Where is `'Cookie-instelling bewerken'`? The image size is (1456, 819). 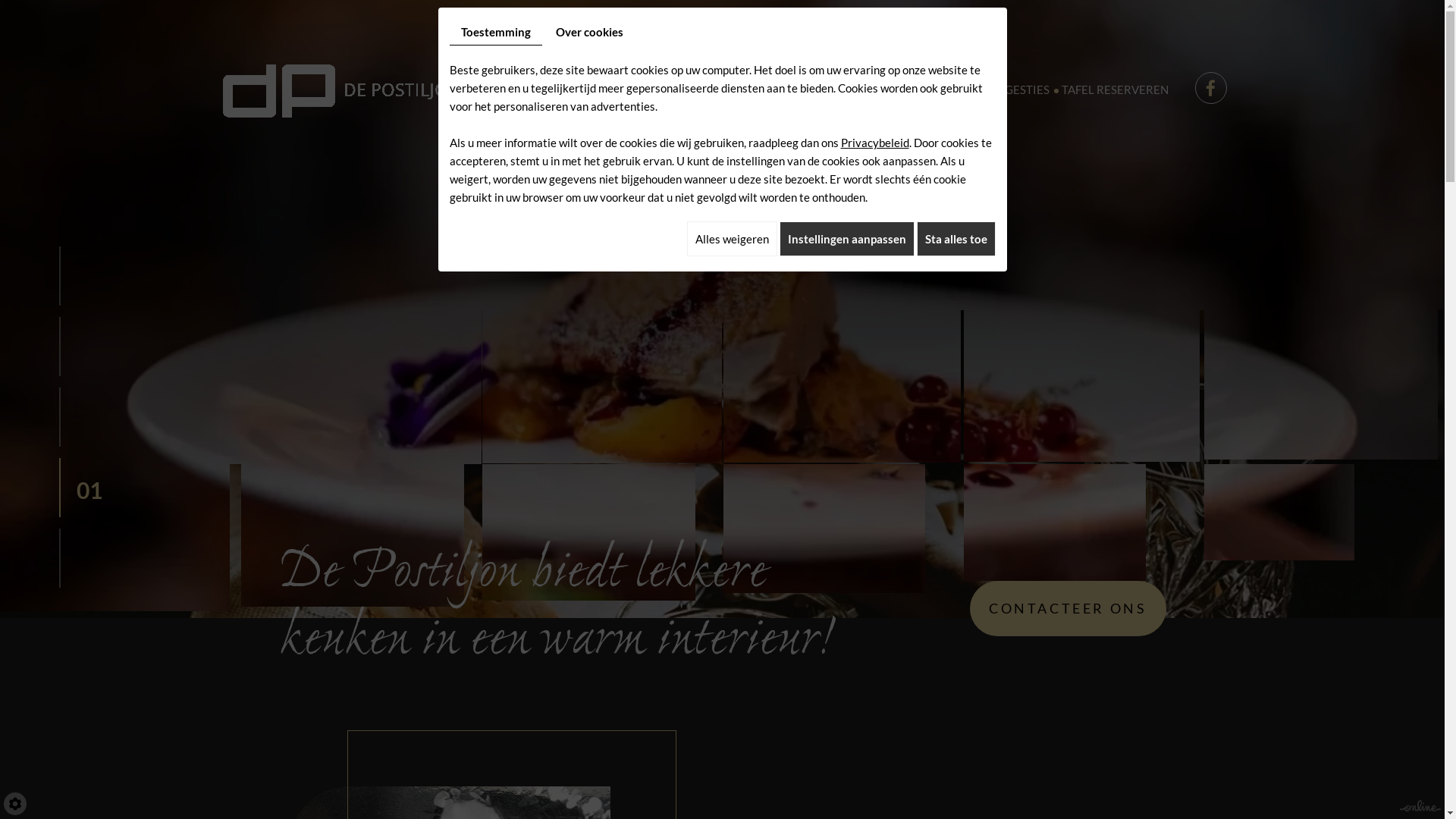
'Cookie-instelling bewerken' is located at coordinates (14, 803).